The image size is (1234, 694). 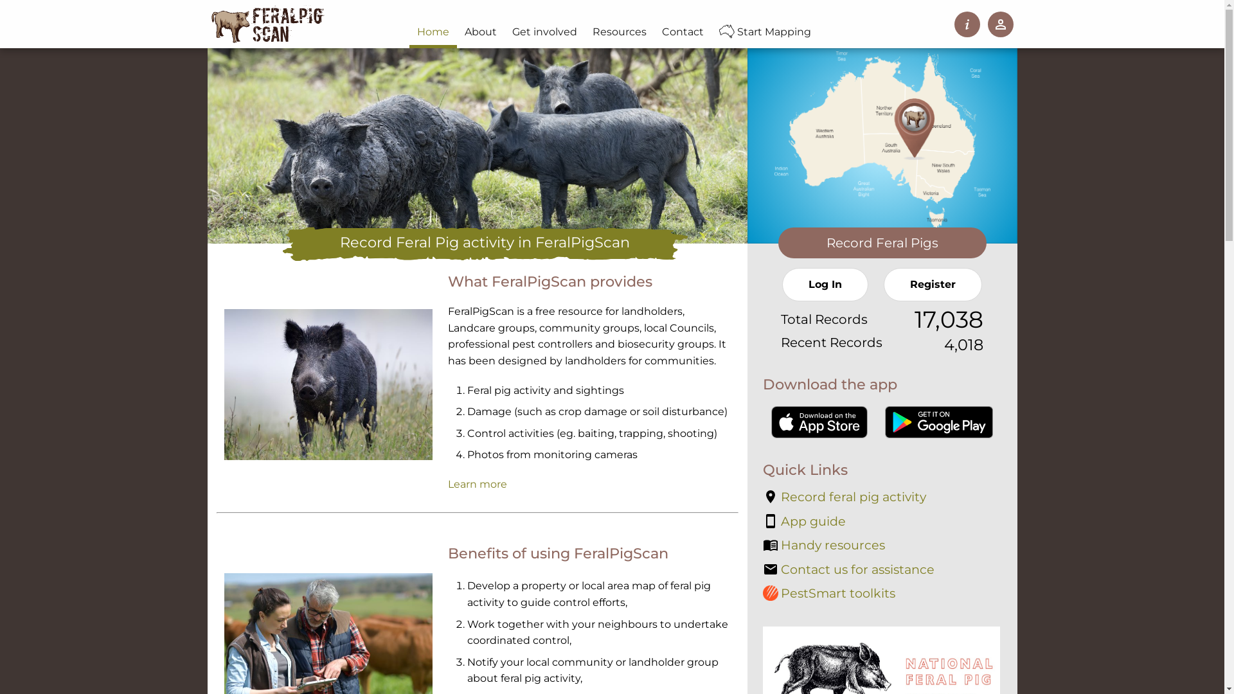 What do you see at coordinates (550, 281) in the screenshot?
I see `'What FeralPigScan provides'` at bounding box center [550, 281].